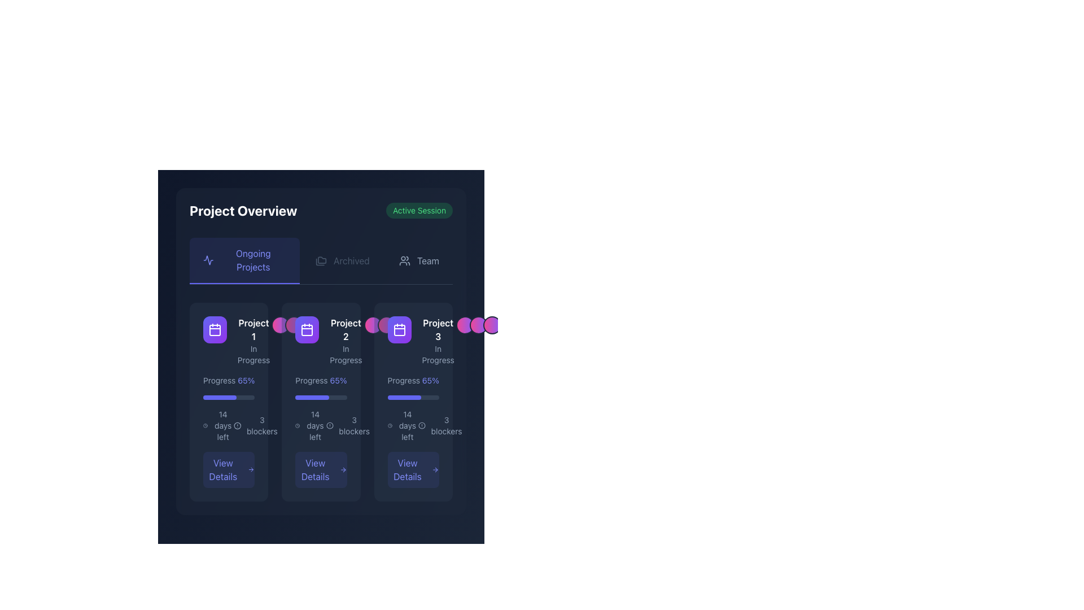 Image resolution: width=1084 pixels, height=610 pixels. I want to click on the button located in the bottom section of the third panel, beneath the progress text ('Progress 65%') and project information ('14 days left', '3 blockers') for keyboard navigation, so click(413, 470).